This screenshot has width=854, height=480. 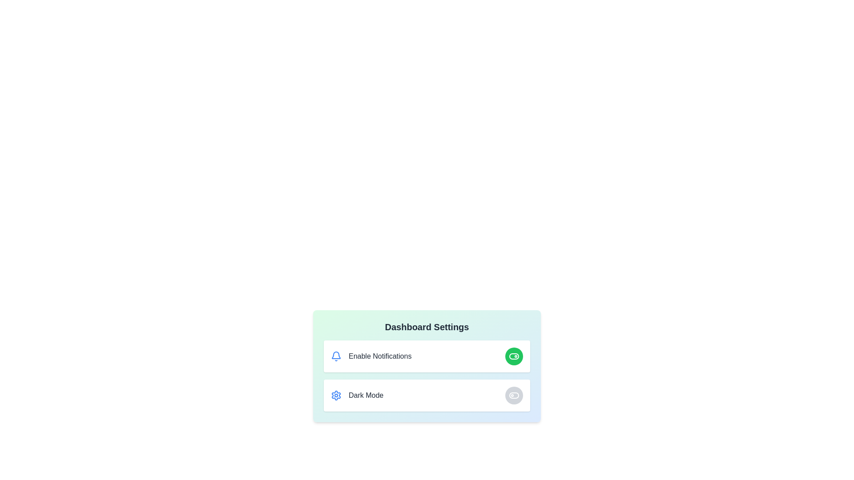 I want to click on the Label containing the blue bell icon and the text 'Enable Notifications', which is positioned to the left of a green circular button with a white eye icon, so click(x=371, y=356).